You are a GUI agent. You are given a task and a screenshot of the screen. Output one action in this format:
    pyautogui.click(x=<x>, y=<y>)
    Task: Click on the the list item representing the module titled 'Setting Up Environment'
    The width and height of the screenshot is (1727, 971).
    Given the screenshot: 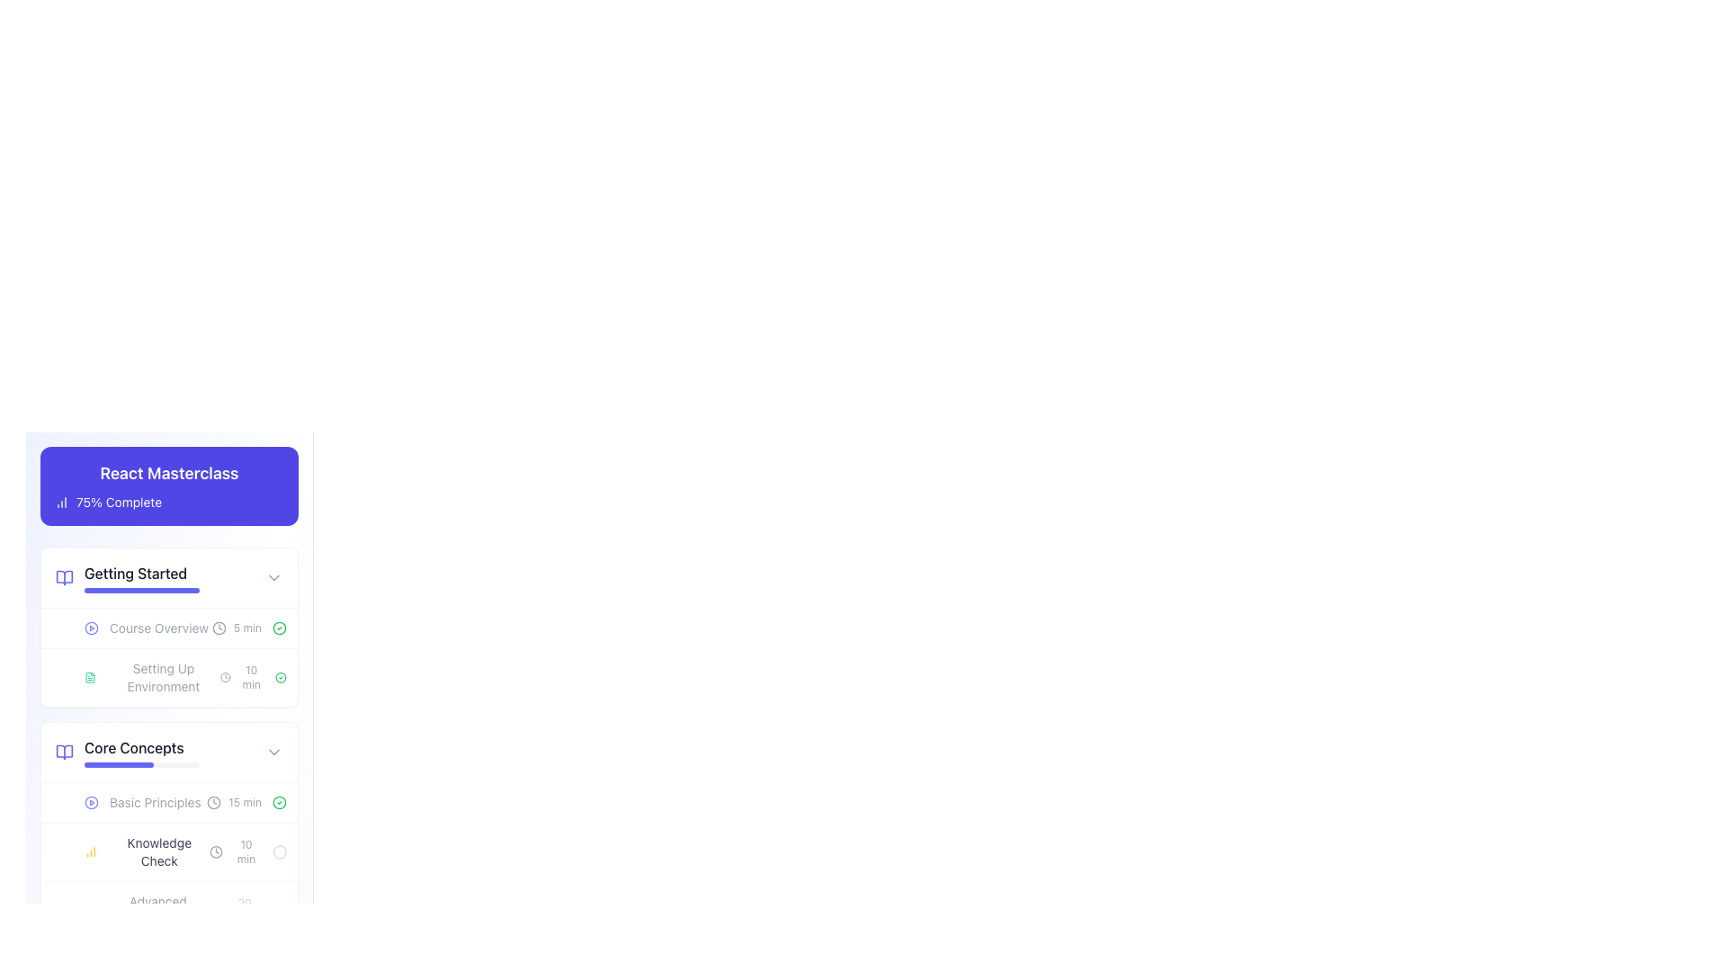 What is the action you would take?
    pyautogui.click(x=169, y=677)
    